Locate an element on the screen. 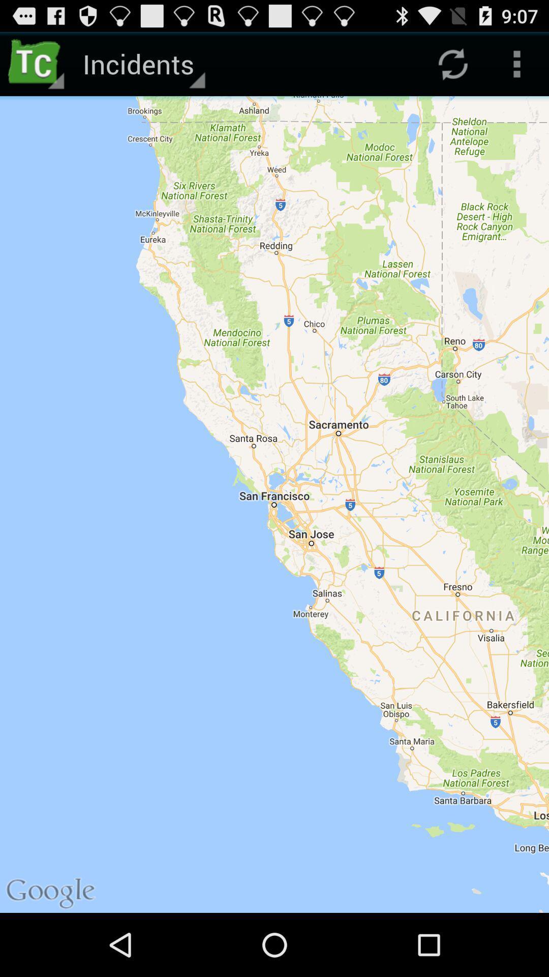 Image resolution: width=549 pixels, height=977 pixels. the refresh icon is located at coordinates (452, 68).